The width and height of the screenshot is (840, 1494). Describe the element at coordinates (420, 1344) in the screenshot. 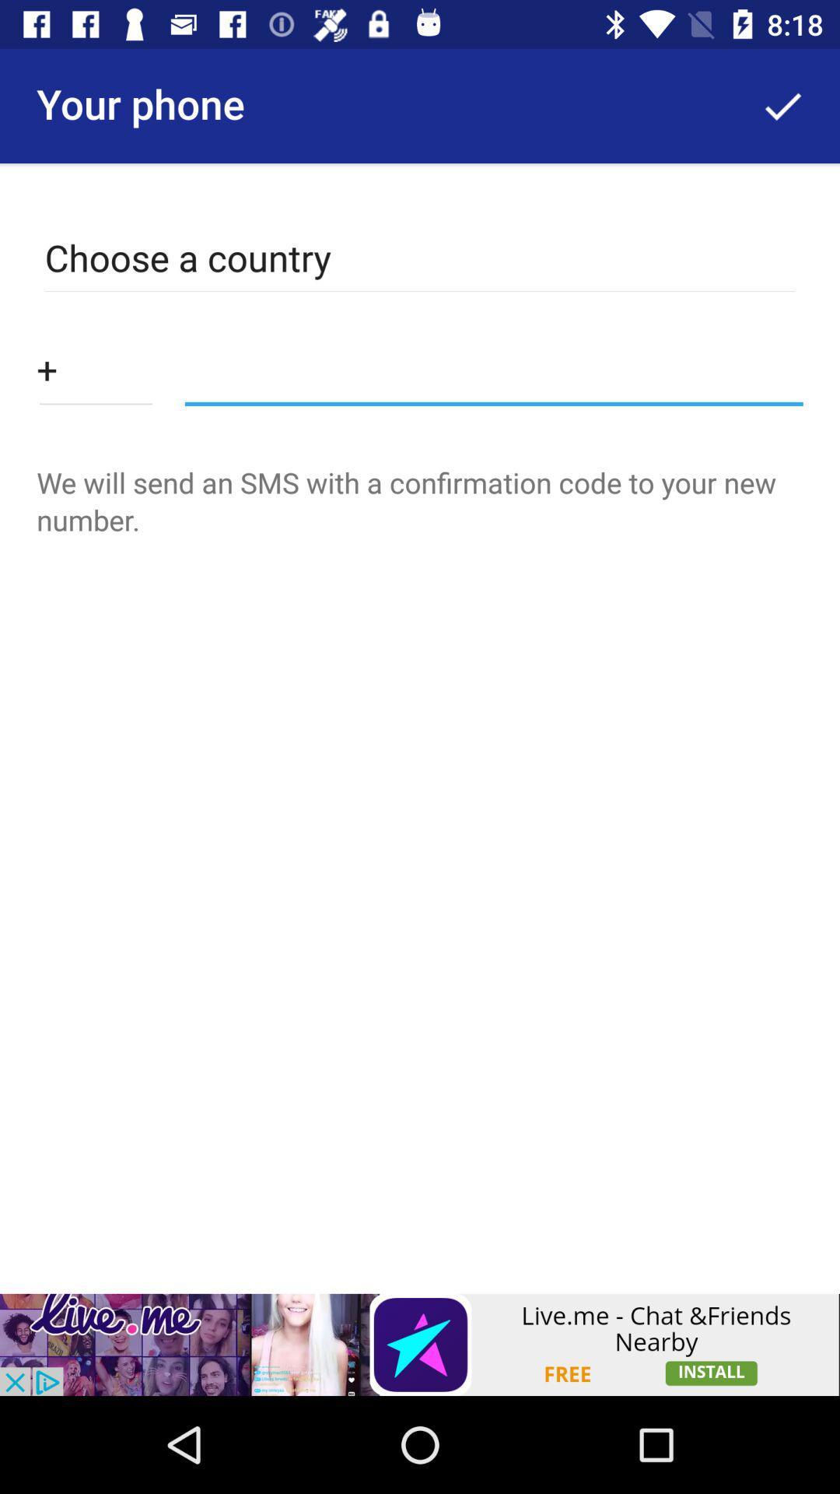

I see `advertisement` at that location.